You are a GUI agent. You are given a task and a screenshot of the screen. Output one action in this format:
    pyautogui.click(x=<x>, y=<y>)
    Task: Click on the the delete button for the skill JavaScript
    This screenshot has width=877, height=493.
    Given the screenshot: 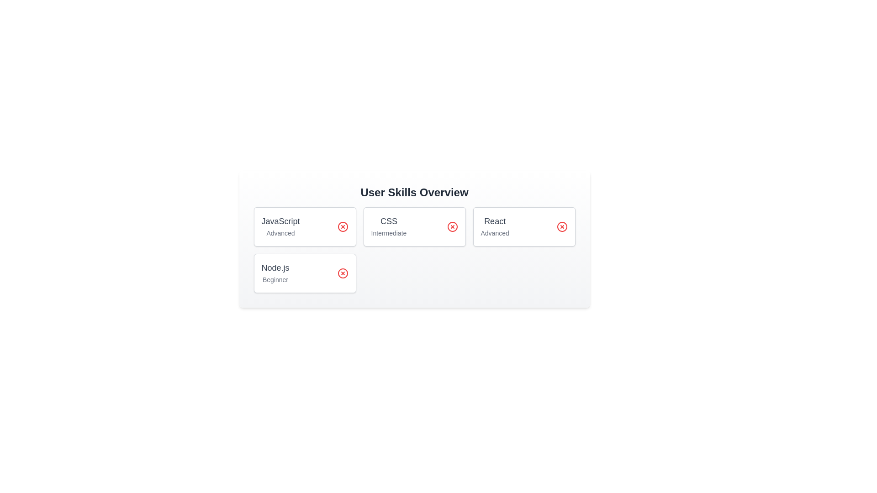 What is the action you would take?
    pyautogui.click(x=342, y=226)
    